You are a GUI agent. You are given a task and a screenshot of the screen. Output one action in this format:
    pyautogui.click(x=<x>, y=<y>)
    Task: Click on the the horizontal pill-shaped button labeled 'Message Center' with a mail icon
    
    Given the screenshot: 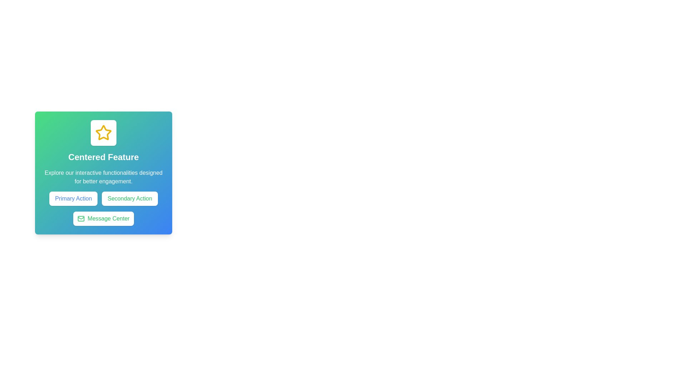 What is the action you would take?
    pyautogui.click(x=103, y=218)
    